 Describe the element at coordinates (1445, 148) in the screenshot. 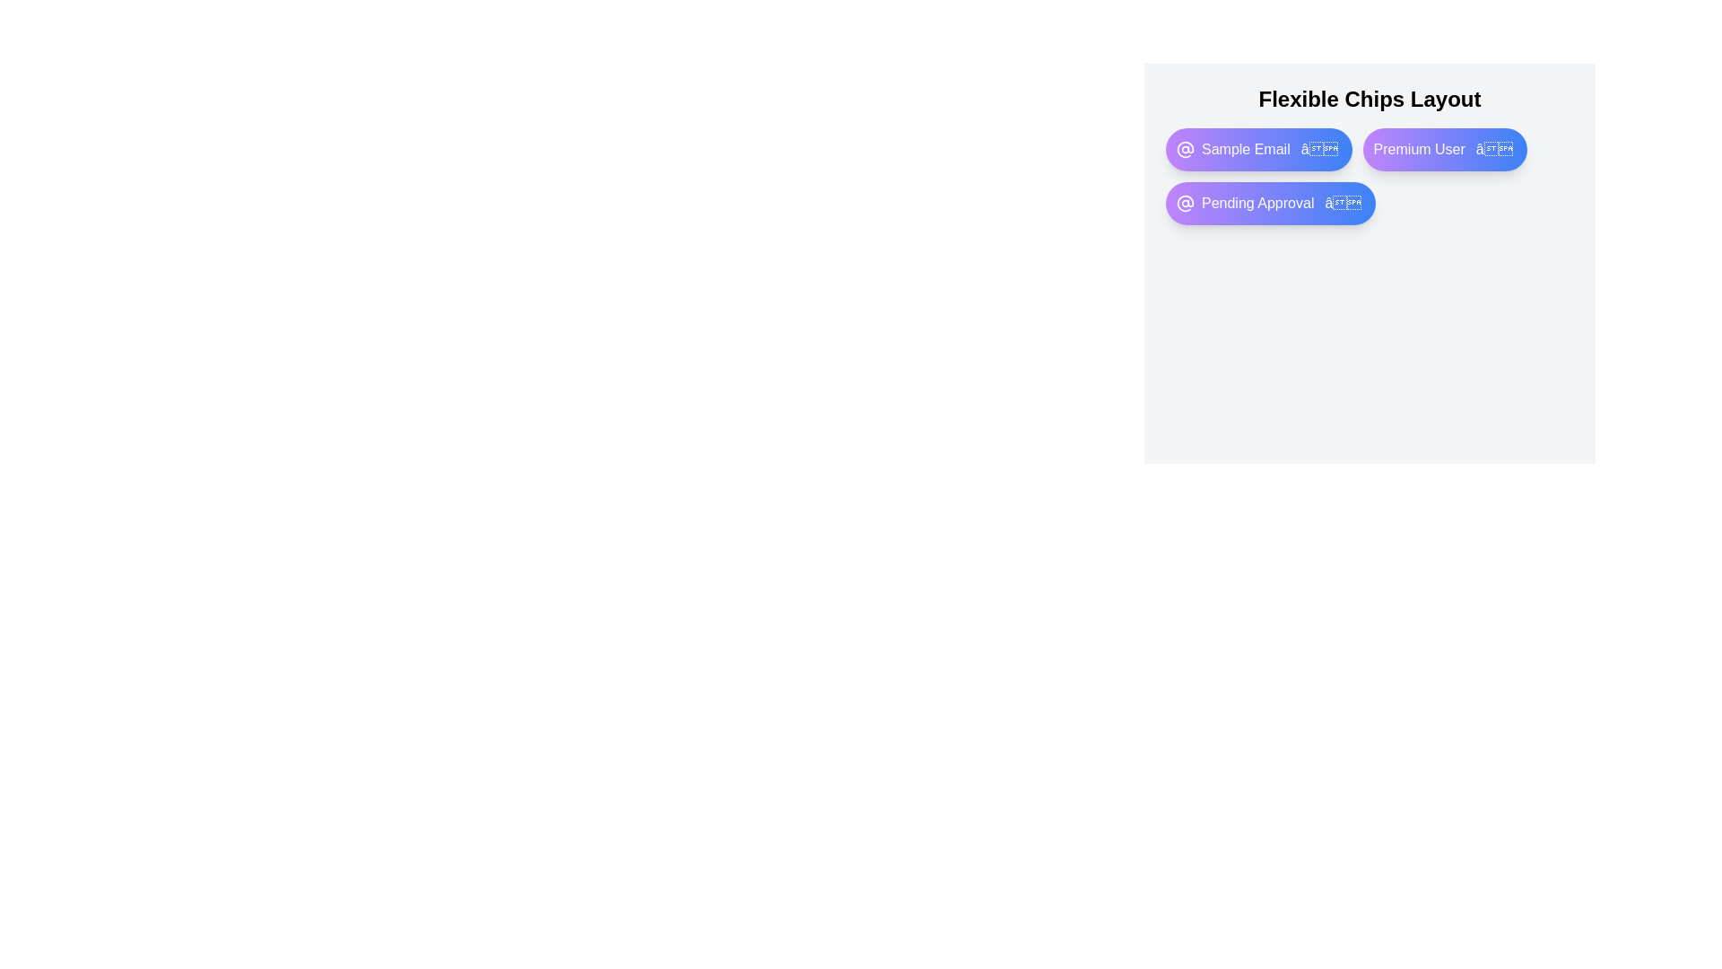

I see `the chip labeled 'Premium User'` at that location.